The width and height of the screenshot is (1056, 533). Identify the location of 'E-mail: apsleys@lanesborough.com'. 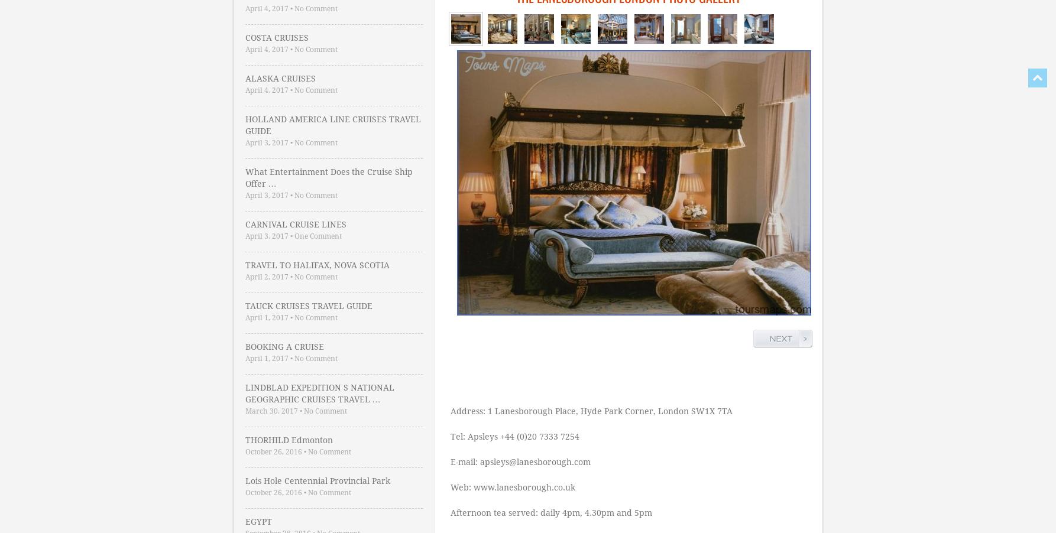
(520, 461).